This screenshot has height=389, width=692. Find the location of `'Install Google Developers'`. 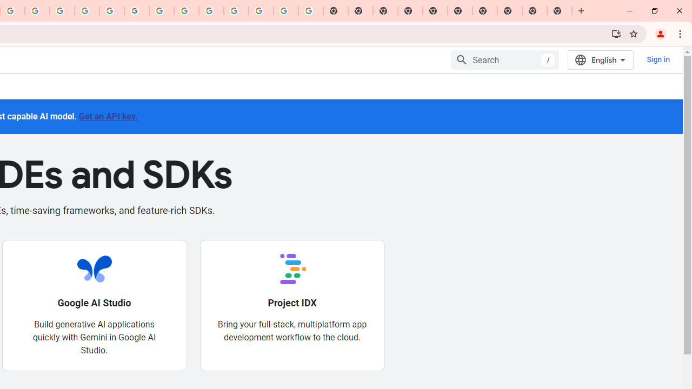

'Install Google Developers' is located at coordinates (616, 33).